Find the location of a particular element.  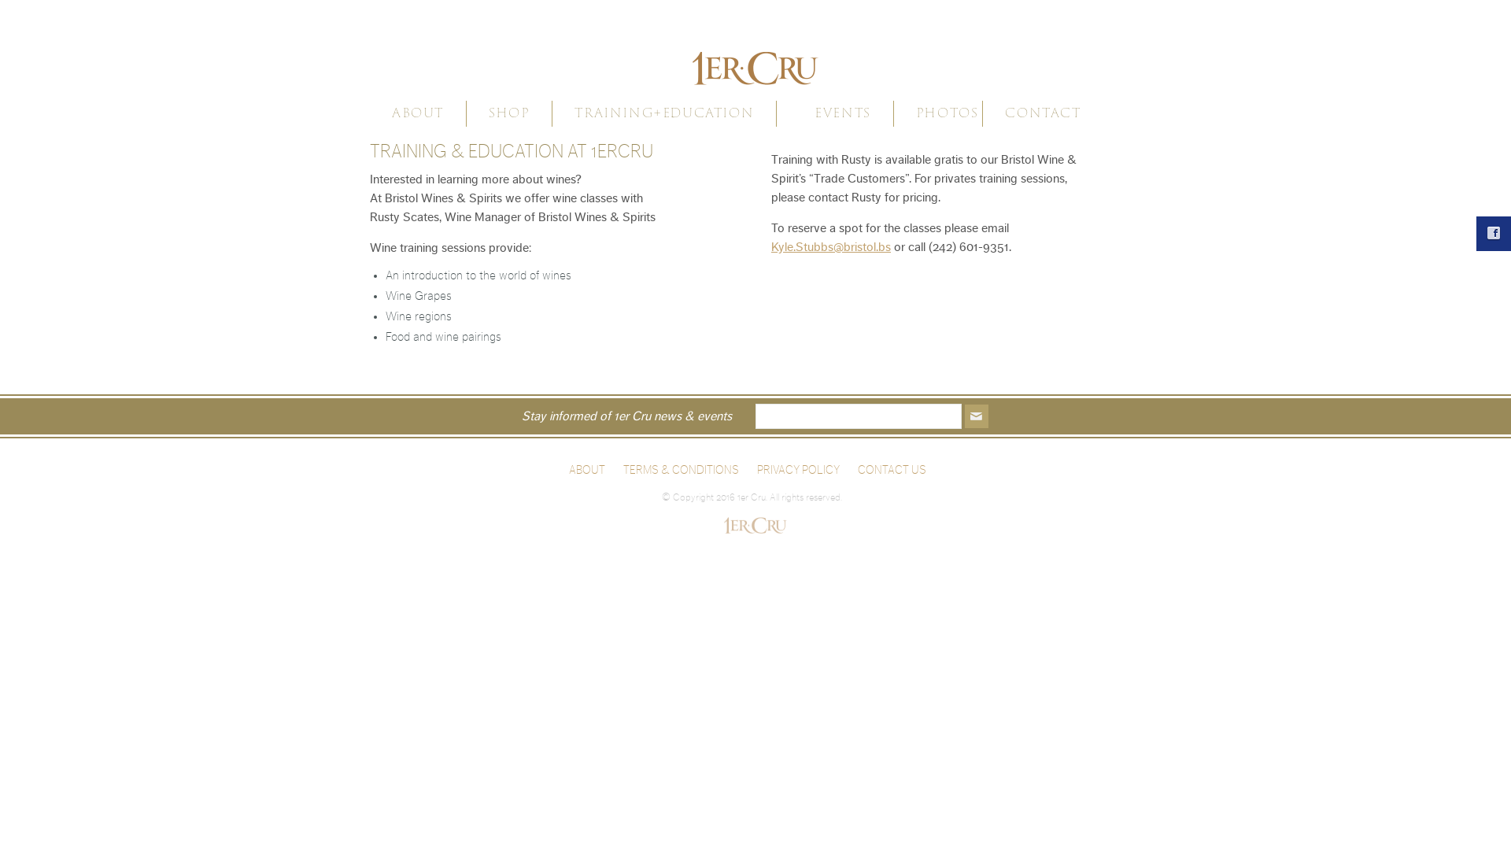

'subscribe' is located at coordinates (976, 415).